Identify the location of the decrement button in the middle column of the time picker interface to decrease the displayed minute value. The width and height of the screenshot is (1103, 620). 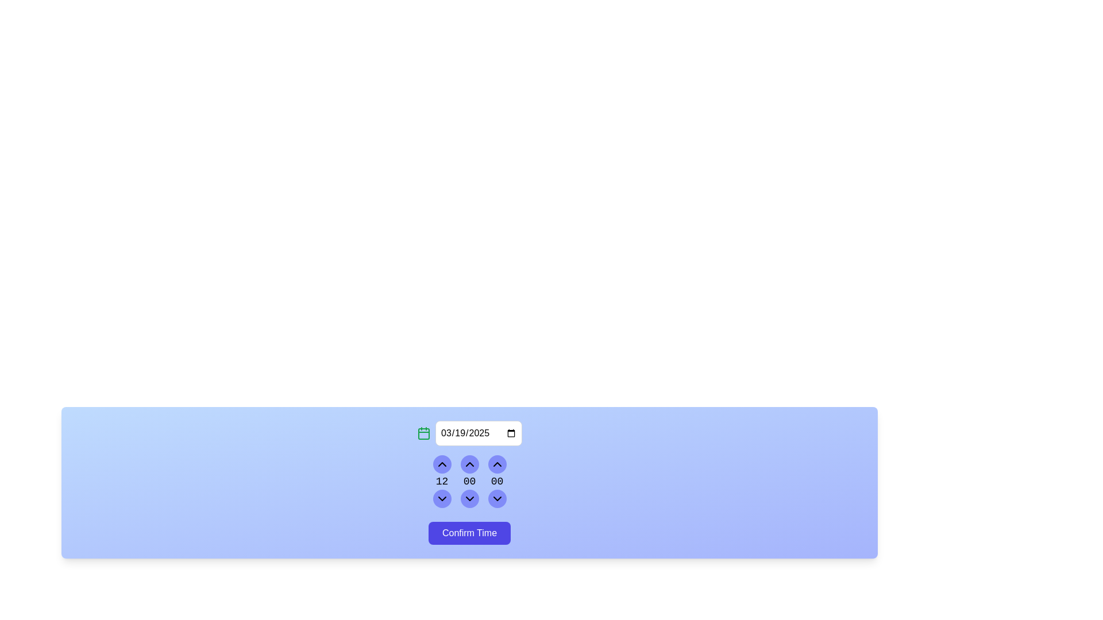
(469, 482).